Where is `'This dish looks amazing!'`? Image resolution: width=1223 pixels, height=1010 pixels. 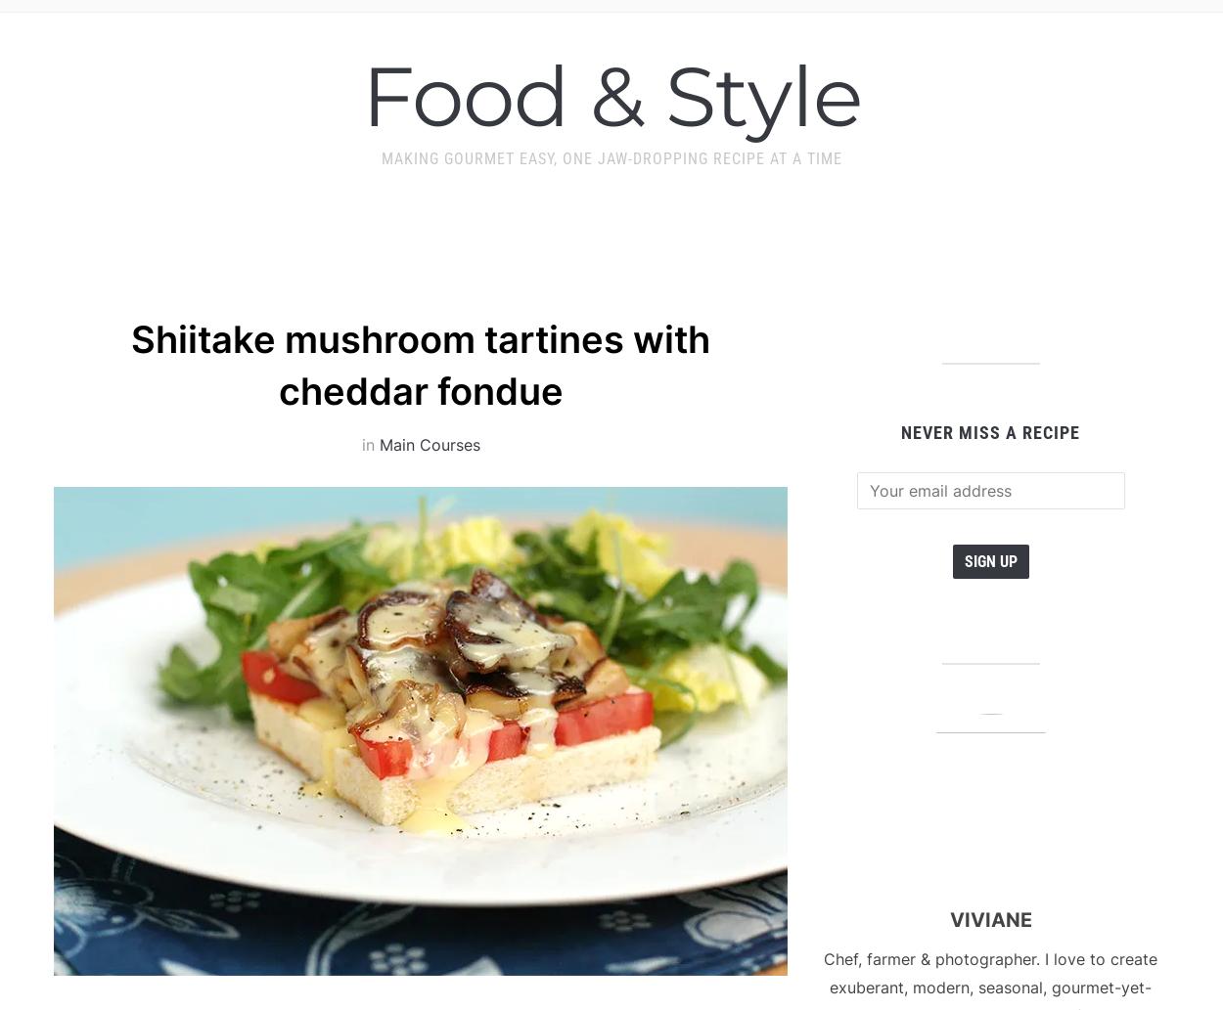
'This dish looks amazing!' is located at coordinates (258, 436).